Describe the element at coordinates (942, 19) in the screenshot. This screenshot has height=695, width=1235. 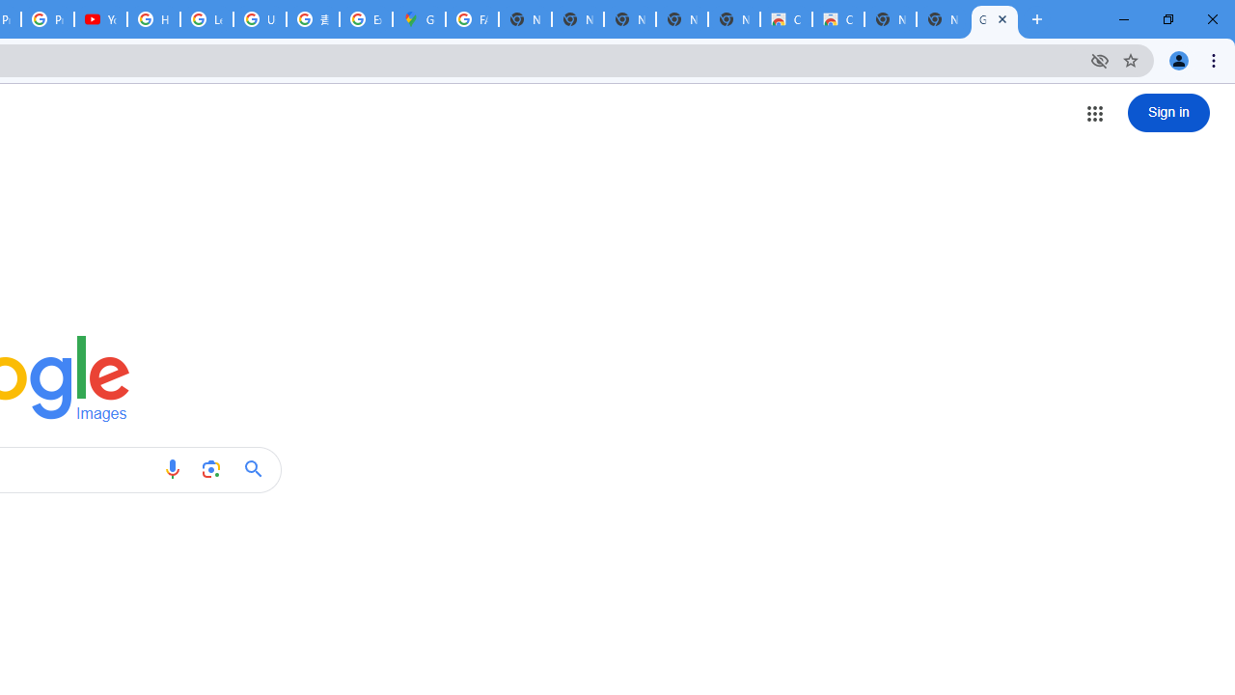
I see `'New Tab'` at that location.